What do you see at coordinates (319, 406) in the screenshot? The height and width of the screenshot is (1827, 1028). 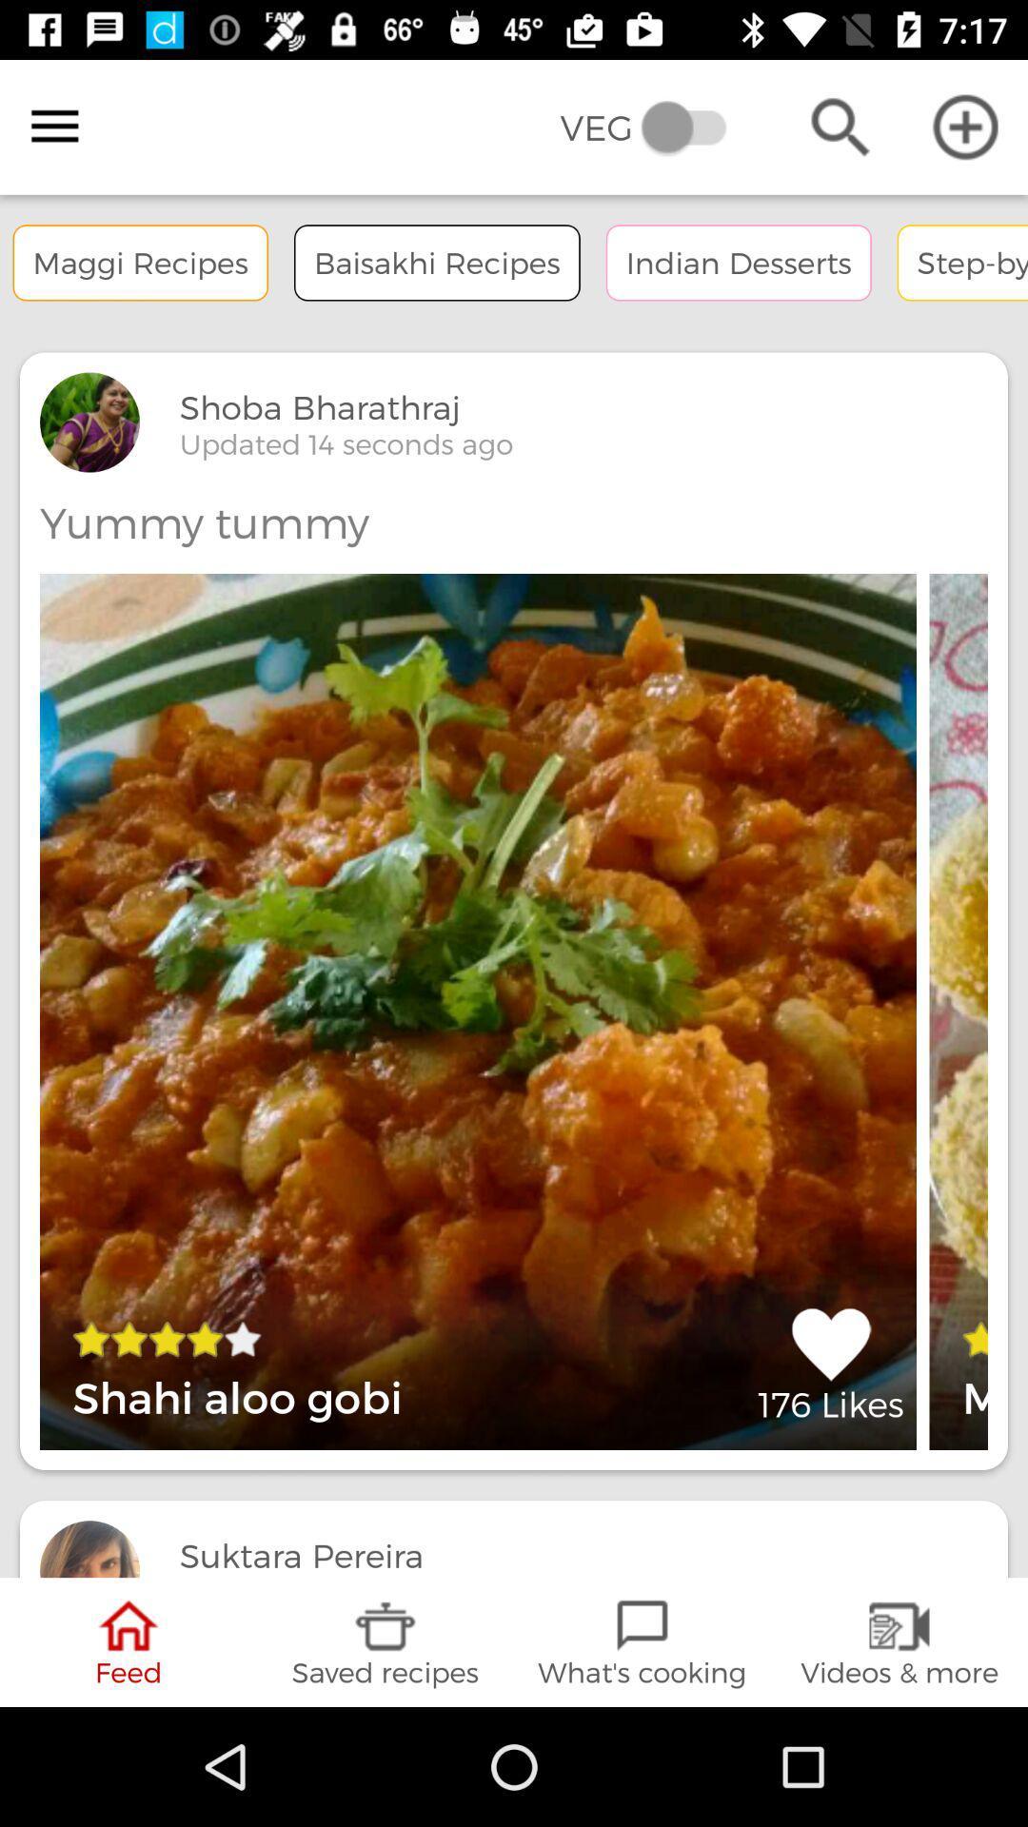 I see `the shoba bharathraj` at bounding box center [319, 406].